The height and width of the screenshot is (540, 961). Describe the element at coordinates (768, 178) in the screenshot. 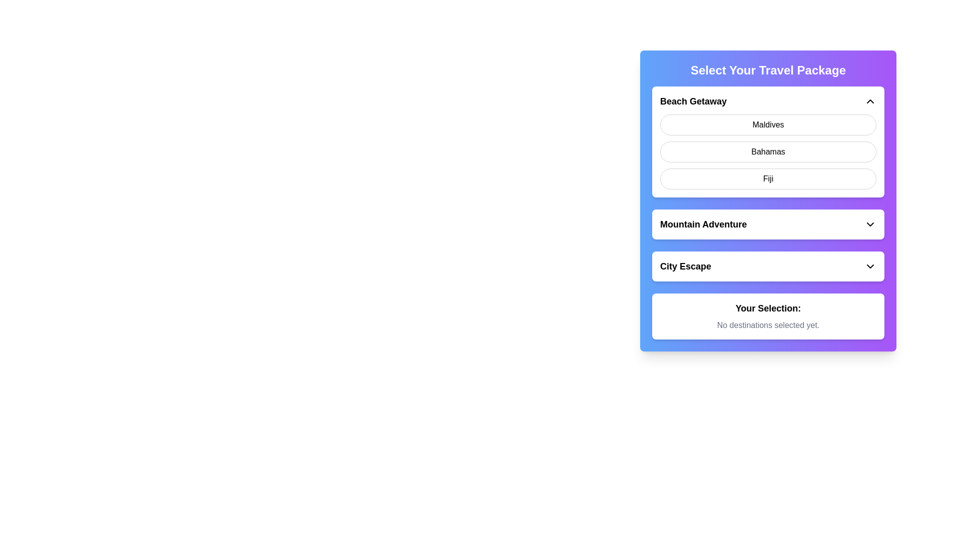

I see `the 'Fiji' travel package button, which is the third button under the 'Beach Getaway' section, to change its background color to light blue` at that location.